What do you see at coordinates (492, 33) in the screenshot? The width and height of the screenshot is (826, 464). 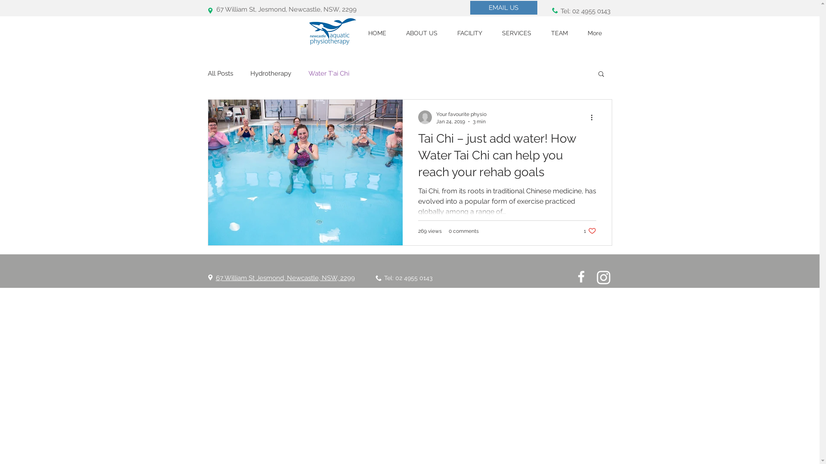 I see `'SERVICES'` at bounding box center [492, 33].